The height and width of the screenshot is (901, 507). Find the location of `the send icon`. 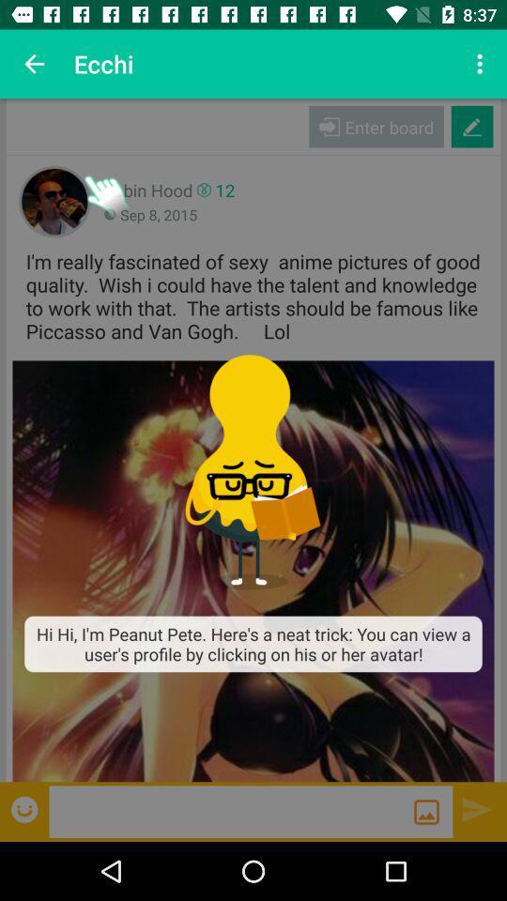

the send icon is located at coordinates (477, 808).